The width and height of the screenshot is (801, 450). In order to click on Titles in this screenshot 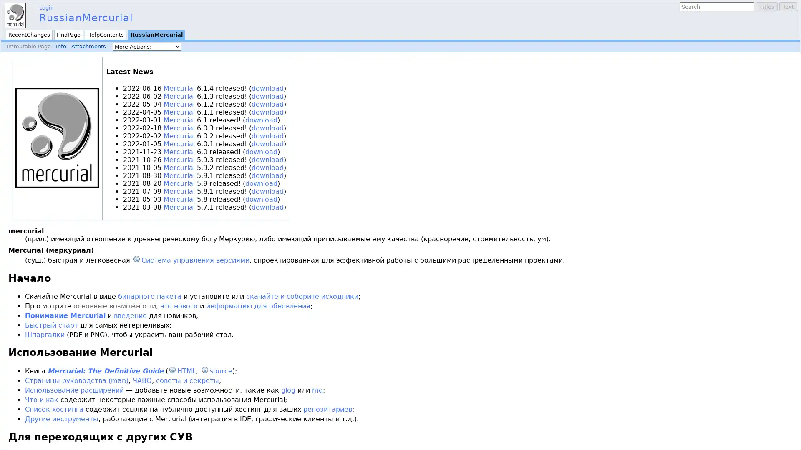, I will do `click(767, 7)`.